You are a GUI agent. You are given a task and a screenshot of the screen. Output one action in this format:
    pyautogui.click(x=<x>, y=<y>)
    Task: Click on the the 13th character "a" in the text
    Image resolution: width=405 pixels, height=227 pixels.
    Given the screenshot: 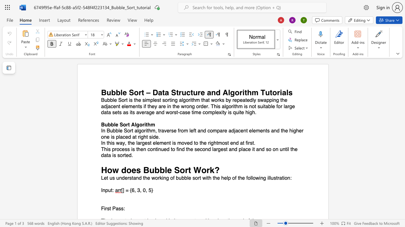 What is the action you would take?
    pyautogui.click(x=124, y=112)
    